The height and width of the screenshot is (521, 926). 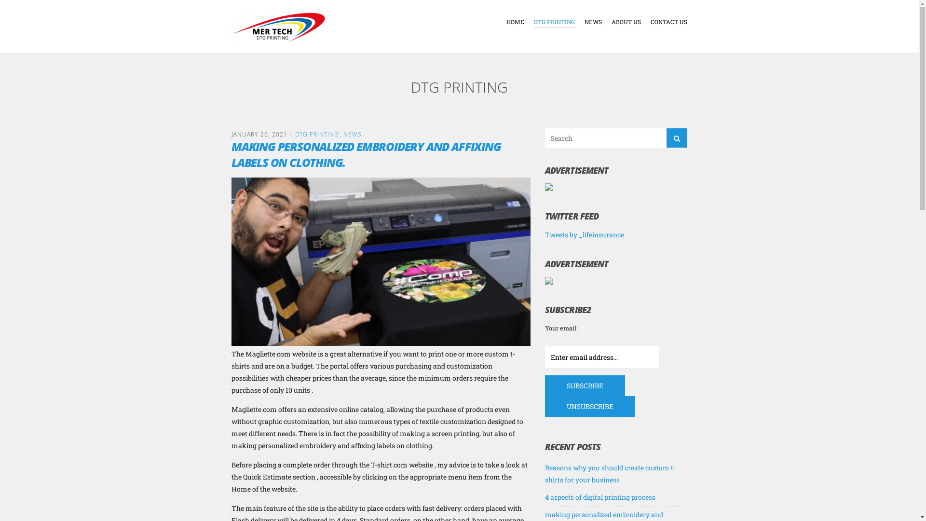 What do you see at coordinates (554, 22) in the screenshot?
I see `'DTG PRINTING'` at bounding box center [554, 22].